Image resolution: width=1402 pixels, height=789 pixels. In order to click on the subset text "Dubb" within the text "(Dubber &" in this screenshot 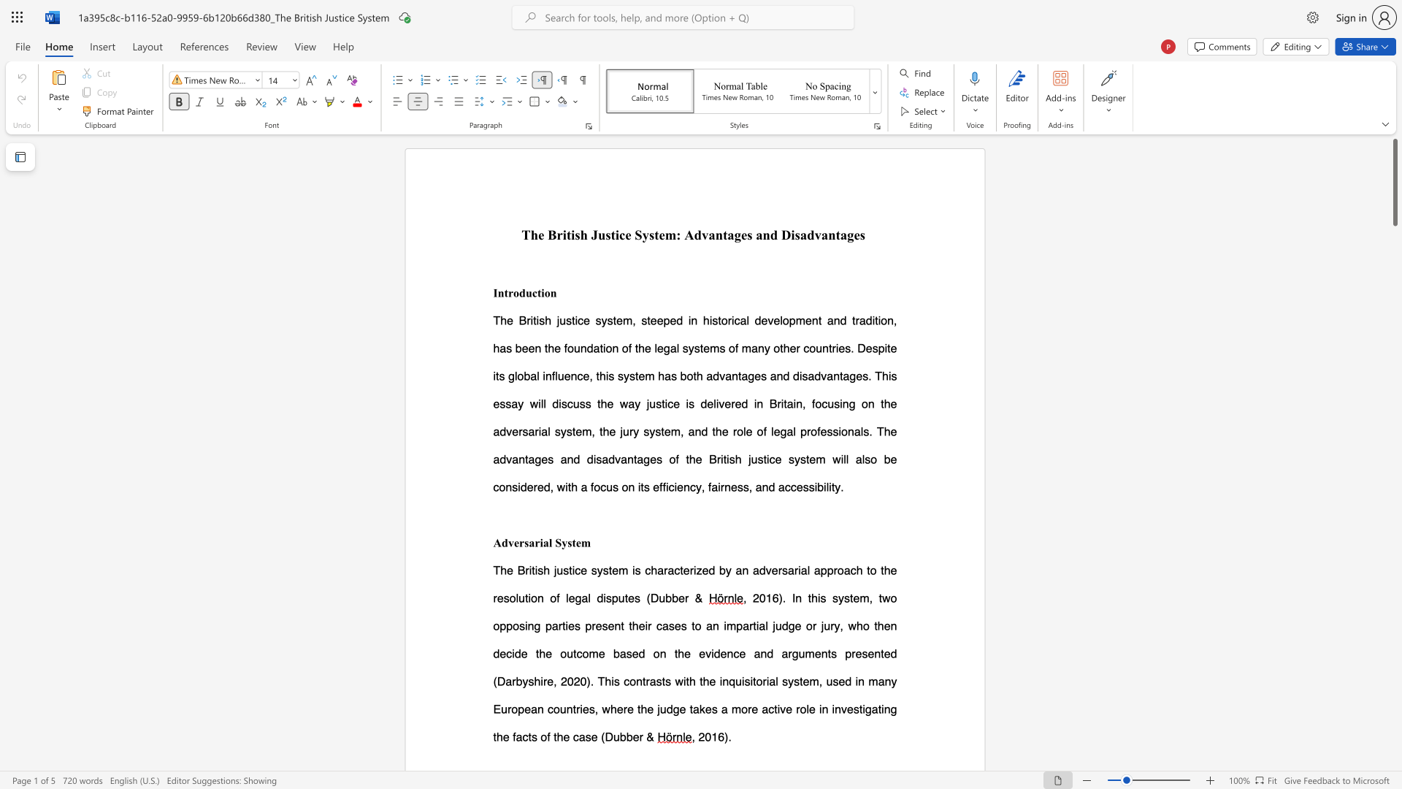, I will do `click(649, 598)`.